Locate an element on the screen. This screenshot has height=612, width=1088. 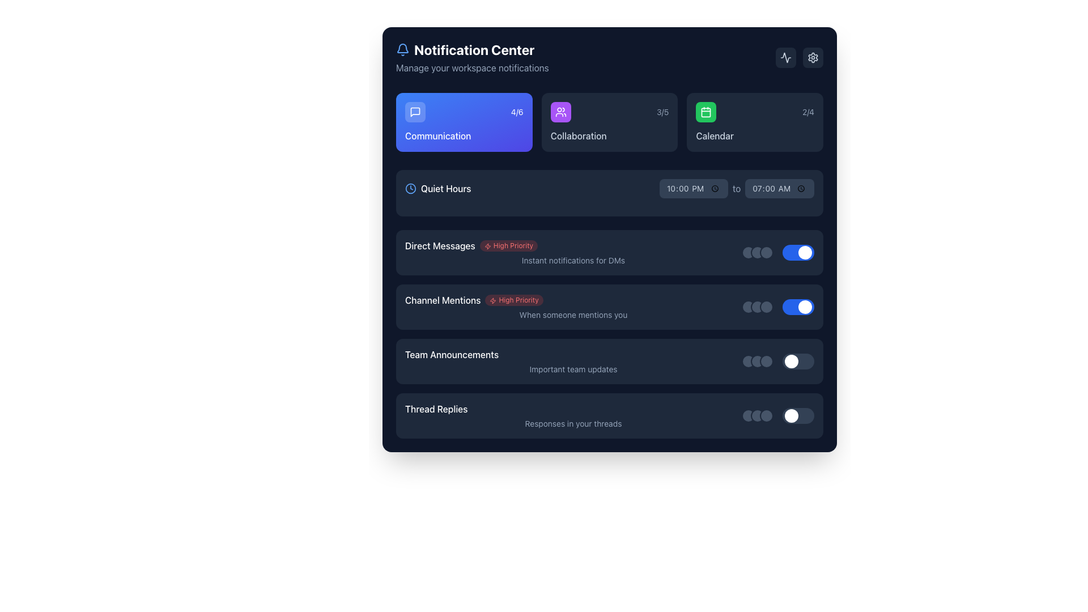
the waveform icon located at the top right corner of the notification panel is located at coordinates (785, 57).